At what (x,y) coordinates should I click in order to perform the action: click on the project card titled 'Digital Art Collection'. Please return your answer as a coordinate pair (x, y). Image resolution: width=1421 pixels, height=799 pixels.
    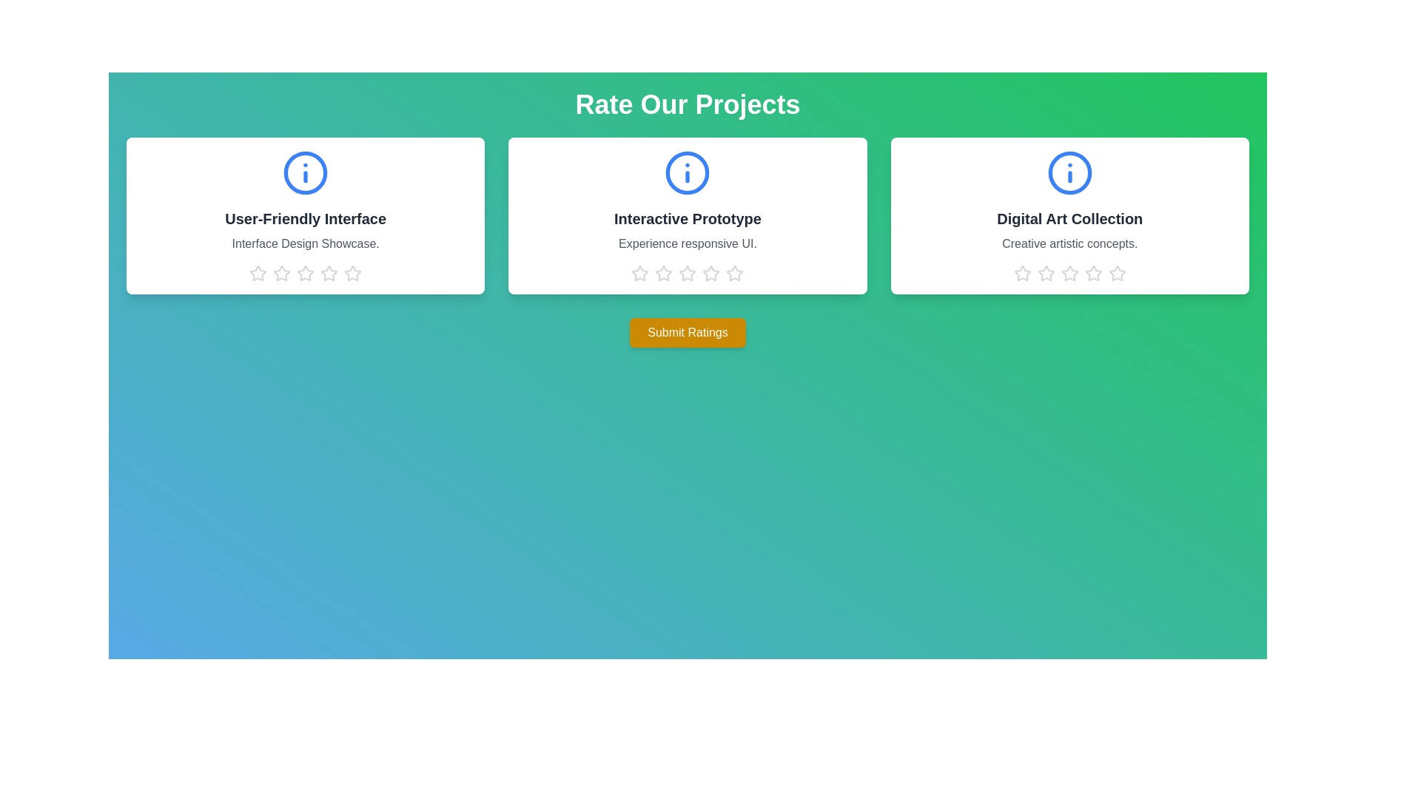
    Looking at the image, I should click on (1069, 216).